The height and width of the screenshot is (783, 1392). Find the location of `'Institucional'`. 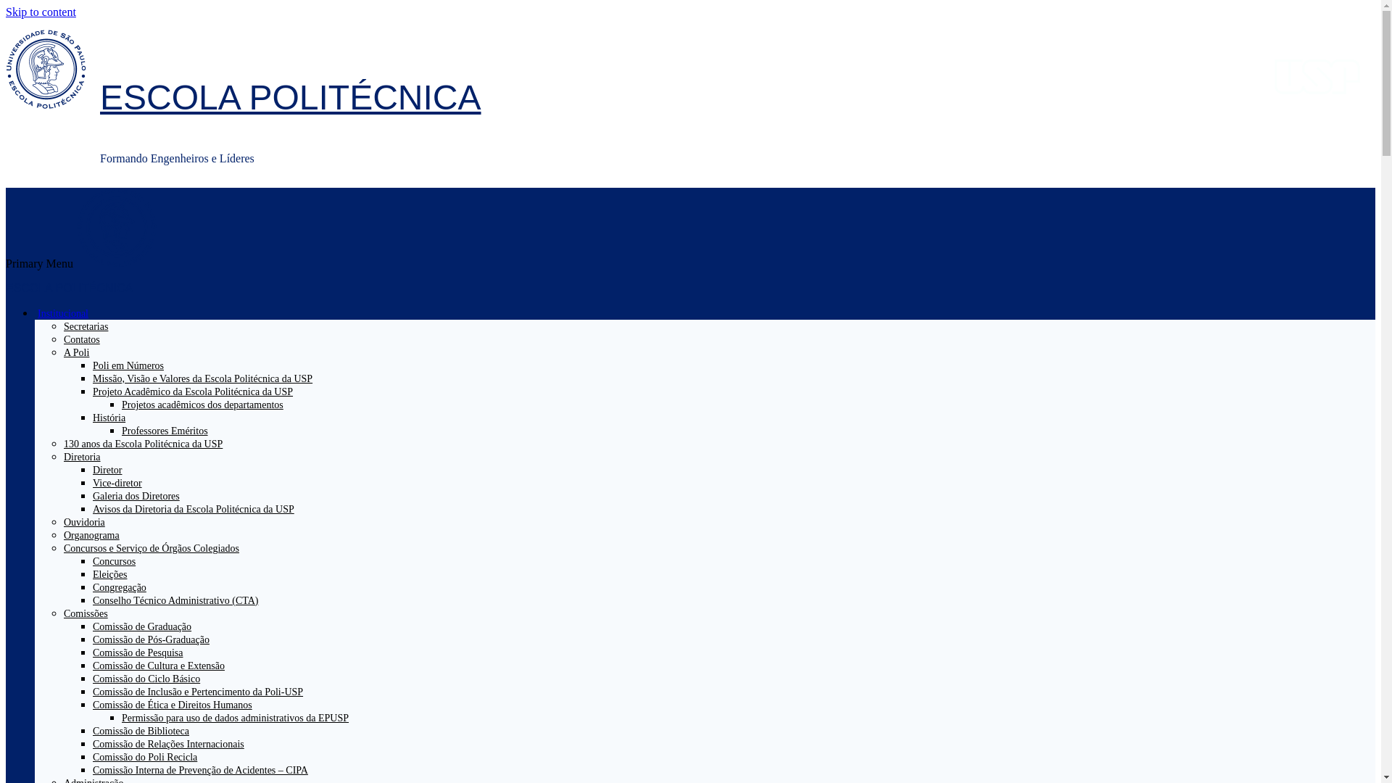

'Institucional' is located at coordinates (68, 312).